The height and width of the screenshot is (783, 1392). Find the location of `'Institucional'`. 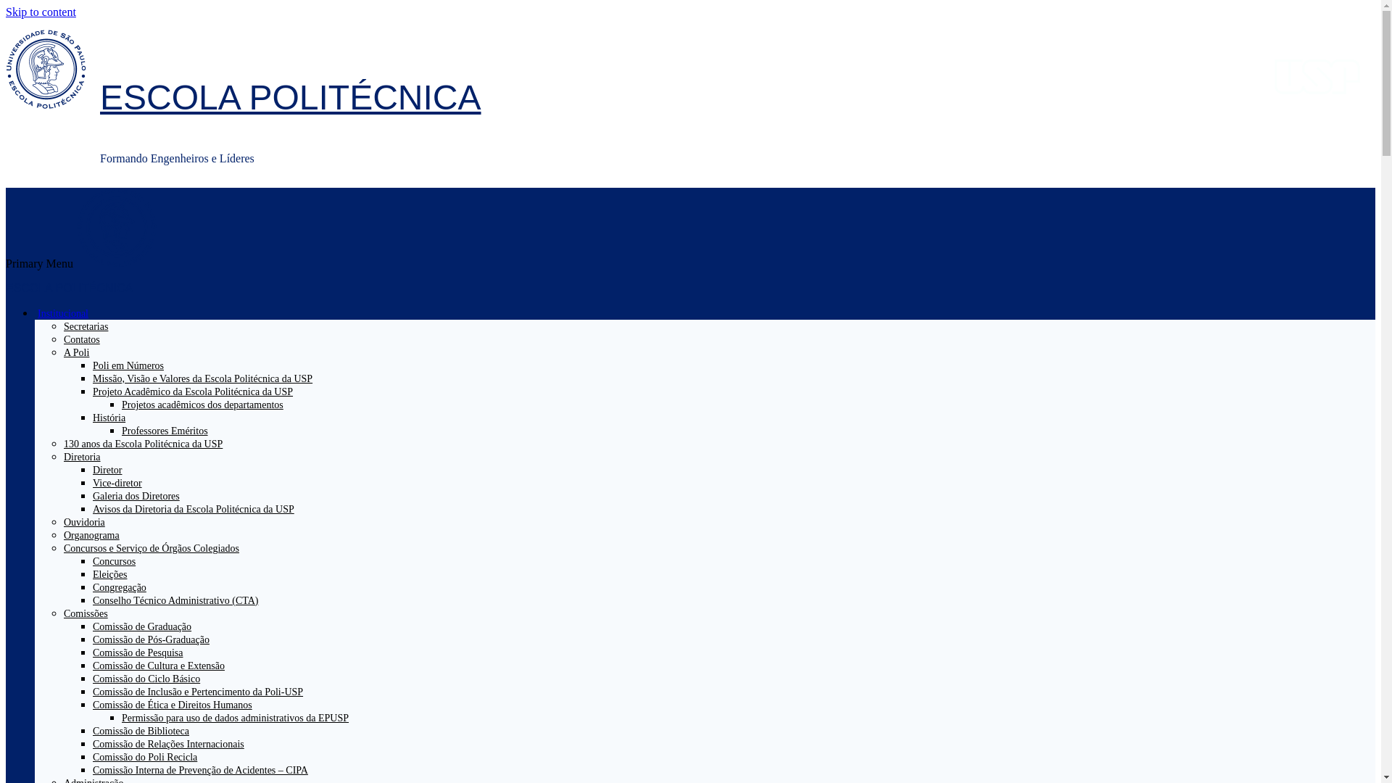

'Institucional' is located at coordinates (68, 312).